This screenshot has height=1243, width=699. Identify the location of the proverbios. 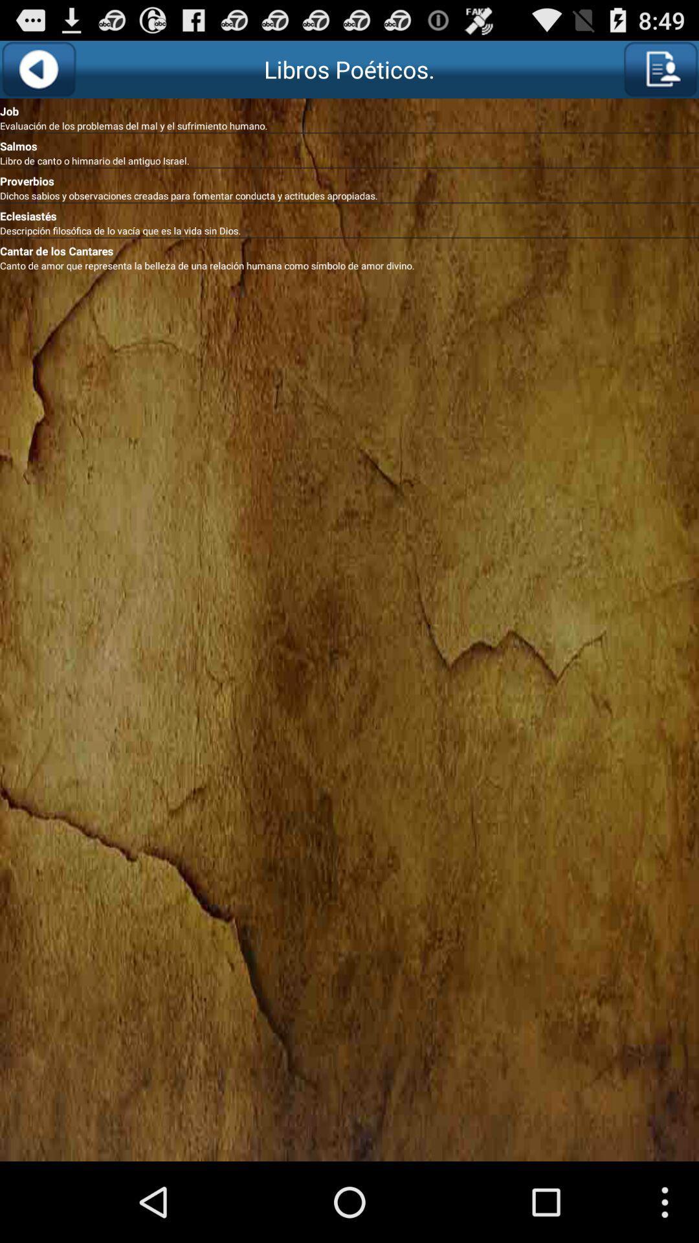
(349, 178).